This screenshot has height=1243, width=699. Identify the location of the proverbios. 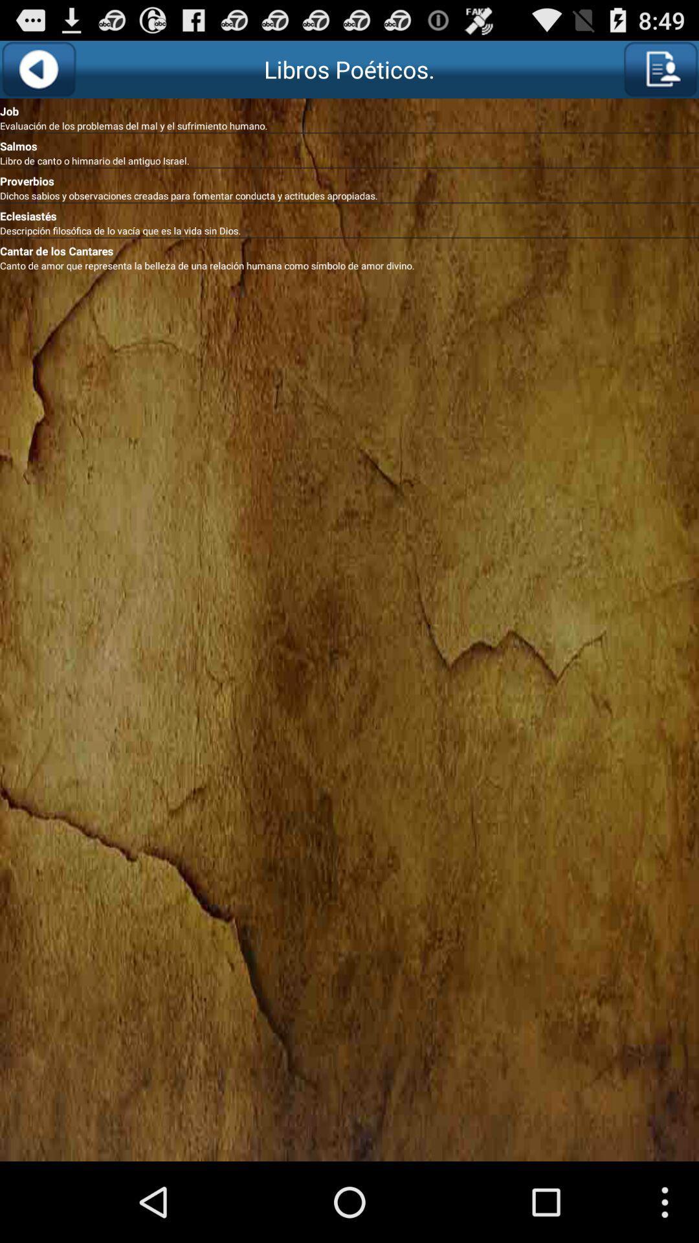
(349, 178).